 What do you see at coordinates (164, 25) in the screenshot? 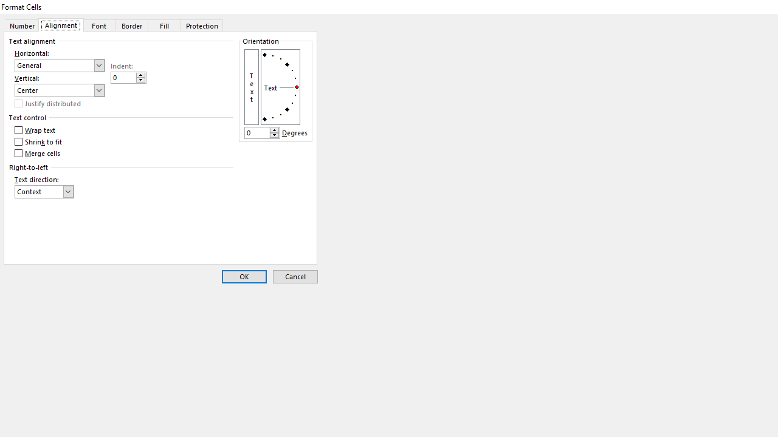
I see `'Fill'` at bounding box center [164, 25].